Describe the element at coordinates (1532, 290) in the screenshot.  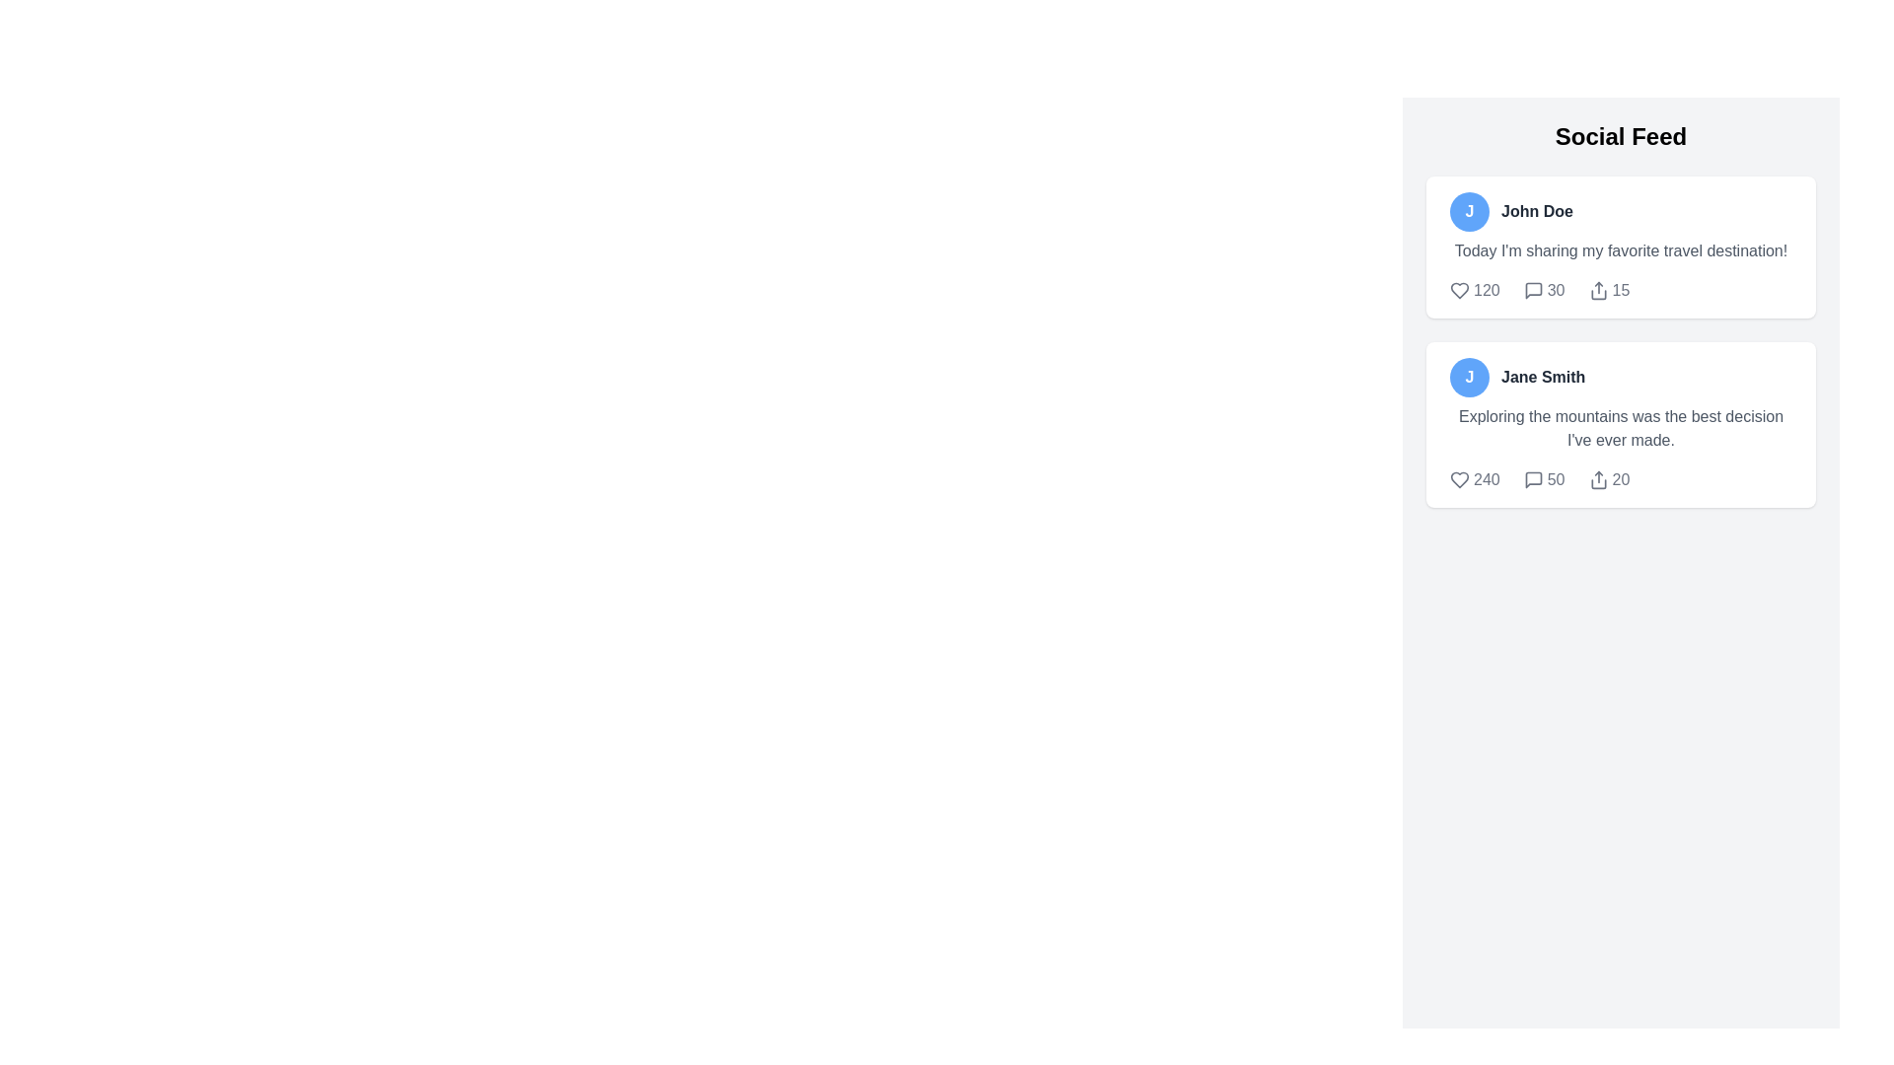
I see `the comment bubble icon located to the left of the number '30' in the first post under the Social Feed section` at that location.